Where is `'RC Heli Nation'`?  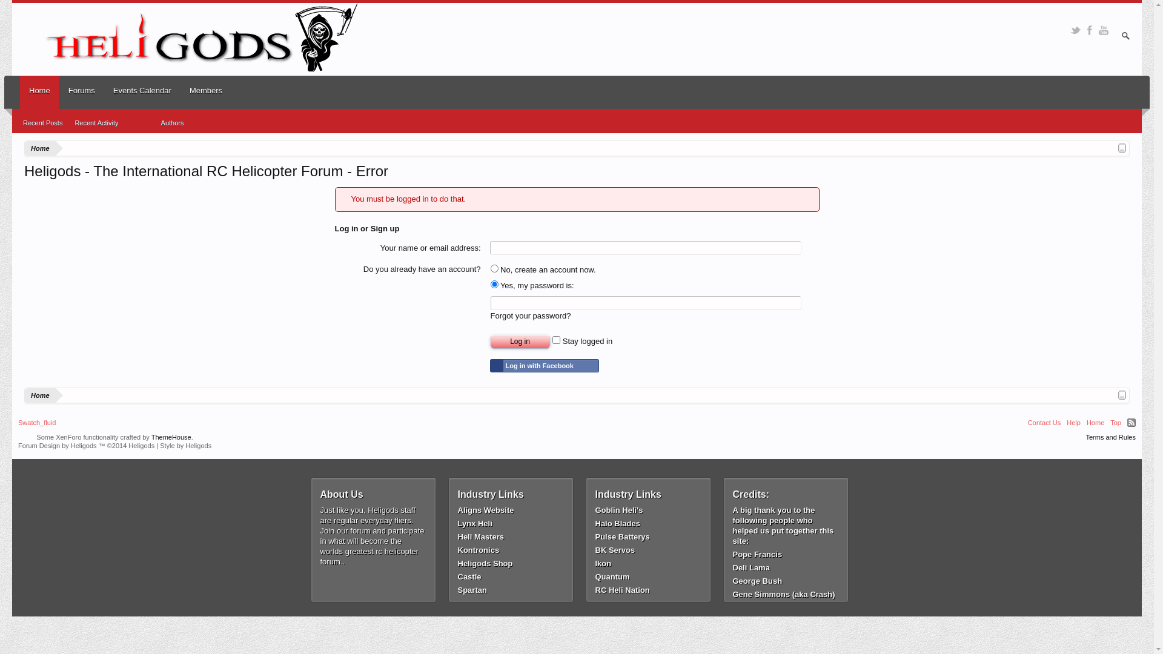 'RC Heli Nation' is located at coordinates (595, 589).